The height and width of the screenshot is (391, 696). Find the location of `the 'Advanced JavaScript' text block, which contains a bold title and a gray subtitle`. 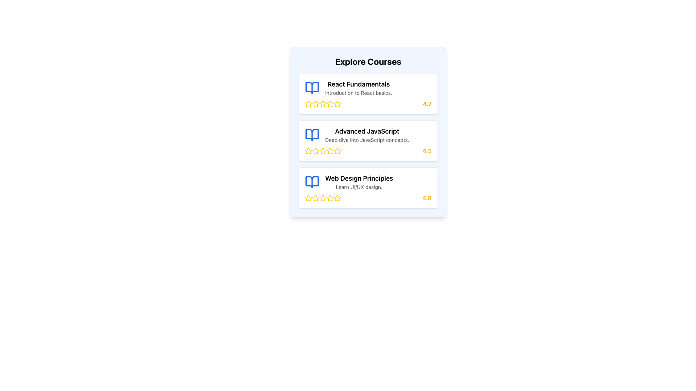

the 'Advanced JavaScript' text block, which contains a bold title and a gray subtitle is located at coordinates (367, 135).